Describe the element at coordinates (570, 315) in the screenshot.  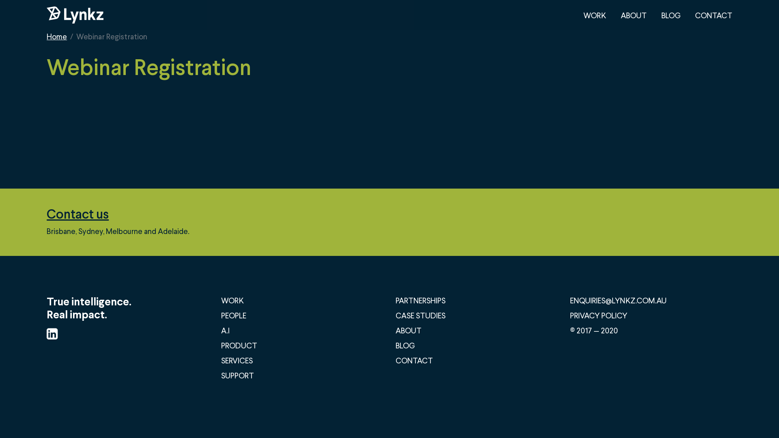
I see `'PRIVACY POLICY'` at that location.